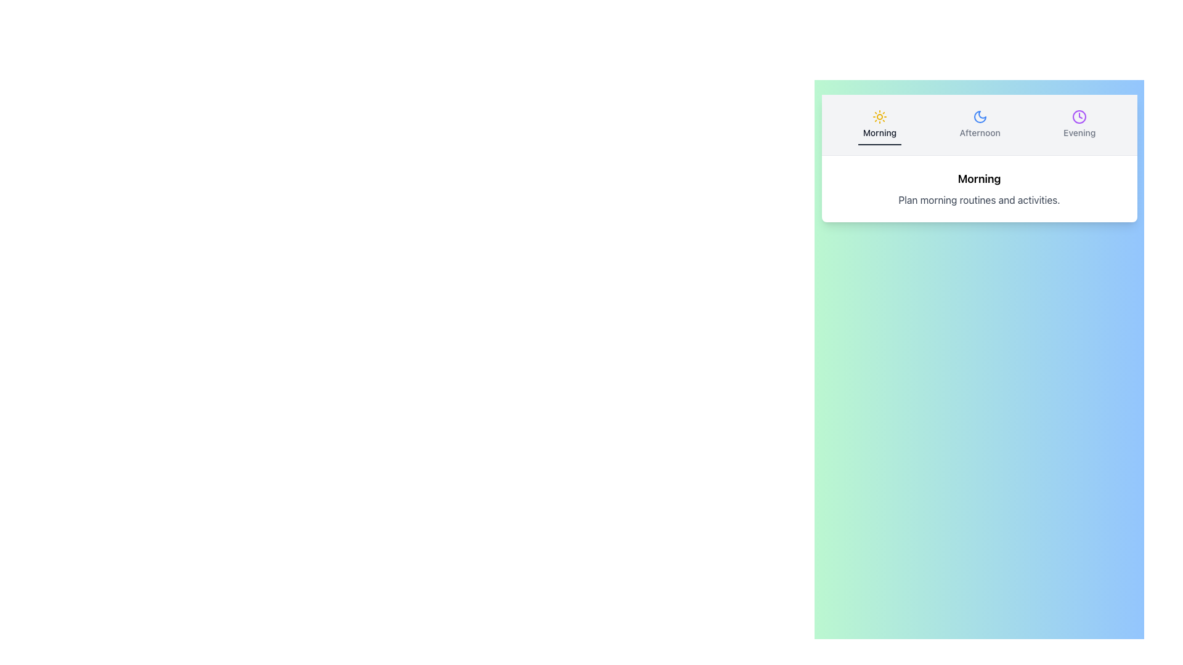 This screenshot has width=1183, height=665. I want to click on the informational text block located at the center-bottom part of the highlighted section within a card that displays information about the selected time period and its activities, so click(978, 189).